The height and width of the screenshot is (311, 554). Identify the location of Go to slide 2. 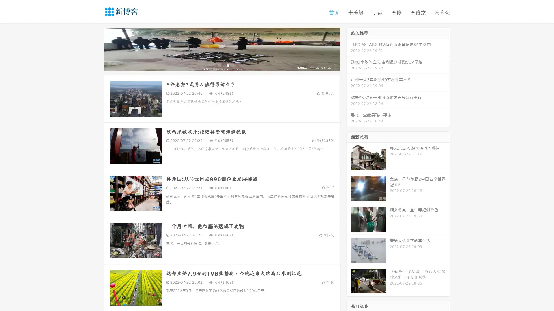
(222, 65).